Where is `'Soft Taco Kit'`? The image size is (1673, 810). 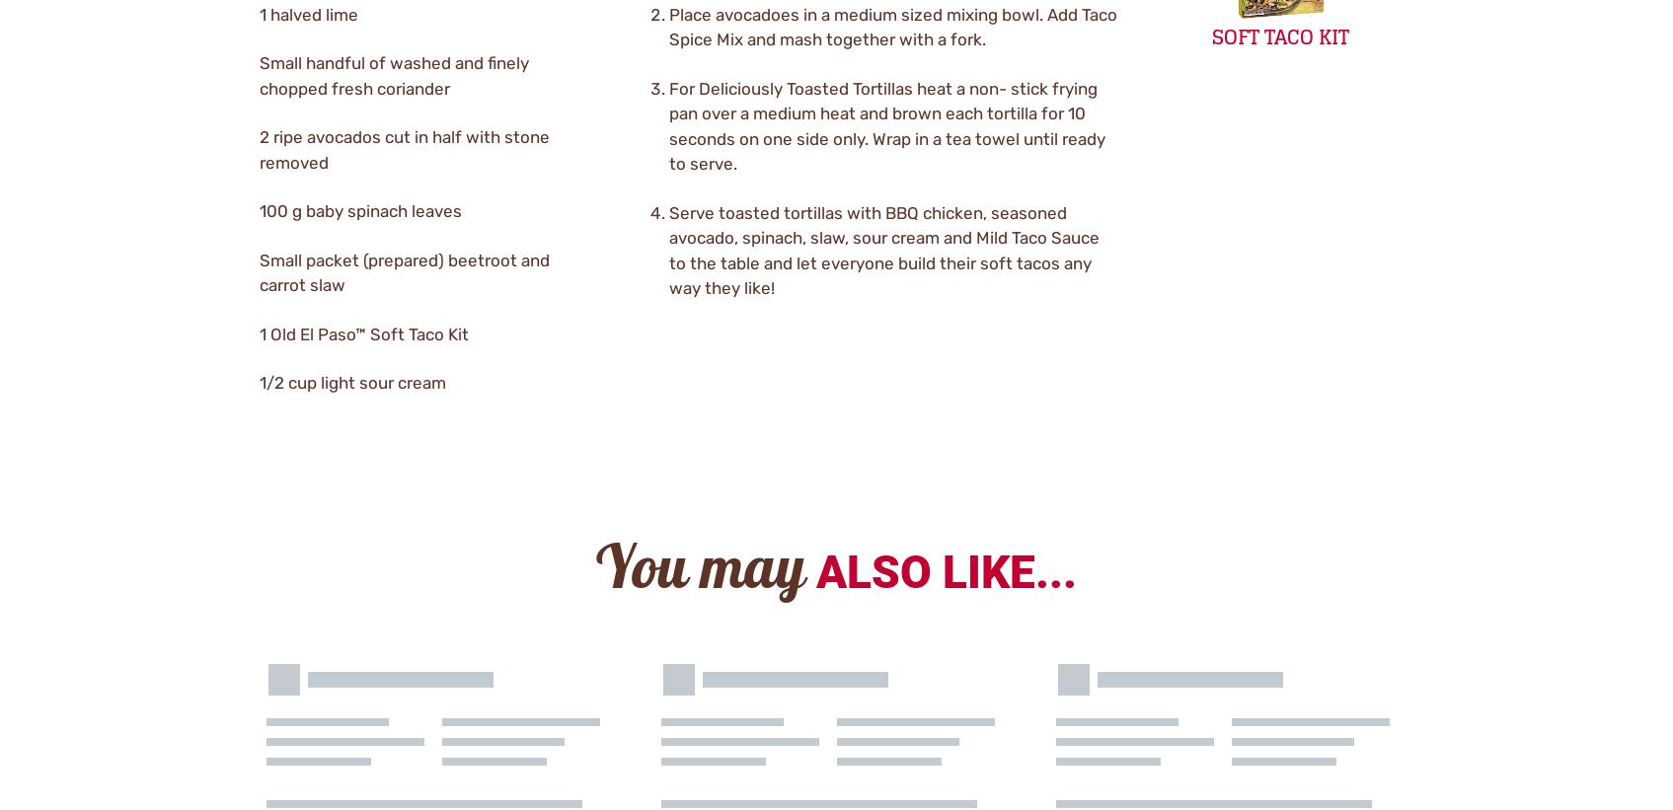
'Soft Taco Kit' is located at coordinates (1279, 37).